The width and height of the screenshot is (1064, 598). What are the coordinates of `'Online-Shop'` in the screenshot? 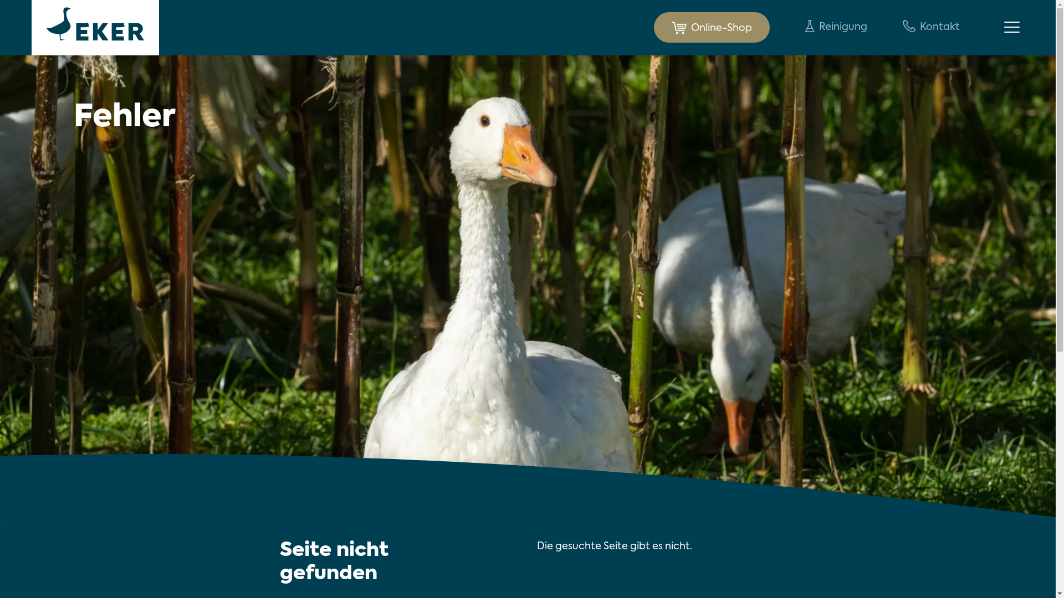 It's located at (712, 27).